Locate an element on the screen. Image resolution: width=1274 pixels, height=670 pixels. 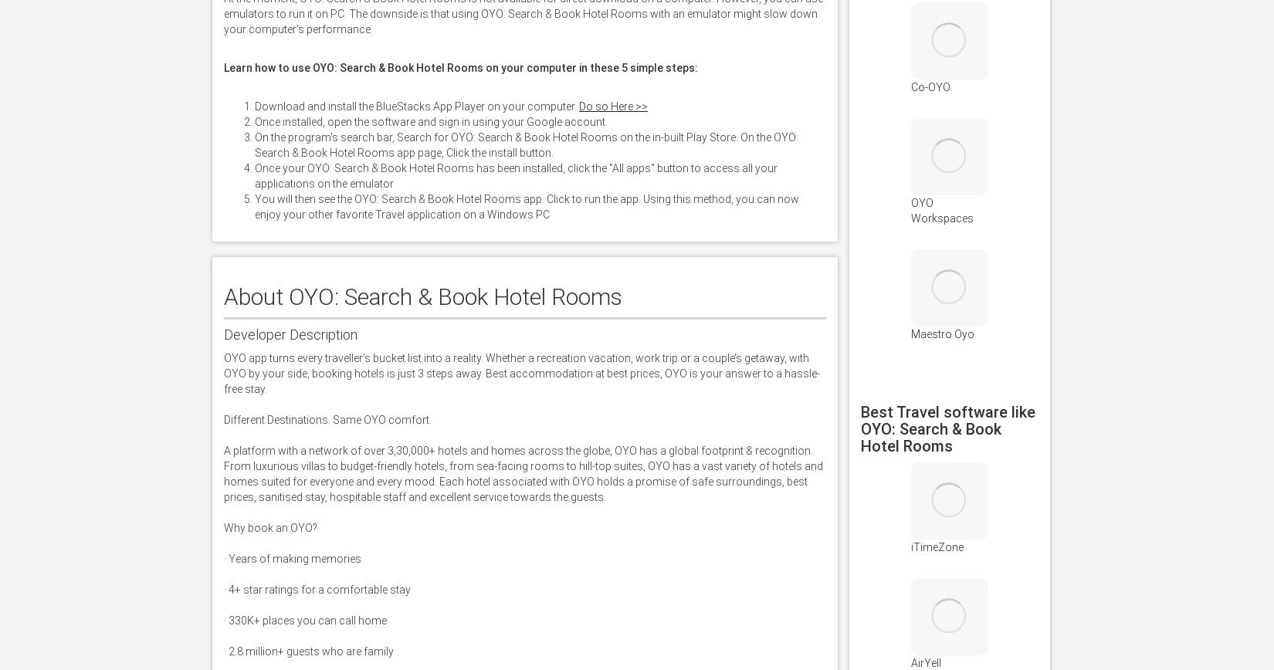
'On the program's search bar, Search for OYO: Search & Book Hotel Rooms on the in-built Play Store. On the OYO: Search & Book Hotel Rooms app page, Click the install button.' is located at coordinates (525, 145).